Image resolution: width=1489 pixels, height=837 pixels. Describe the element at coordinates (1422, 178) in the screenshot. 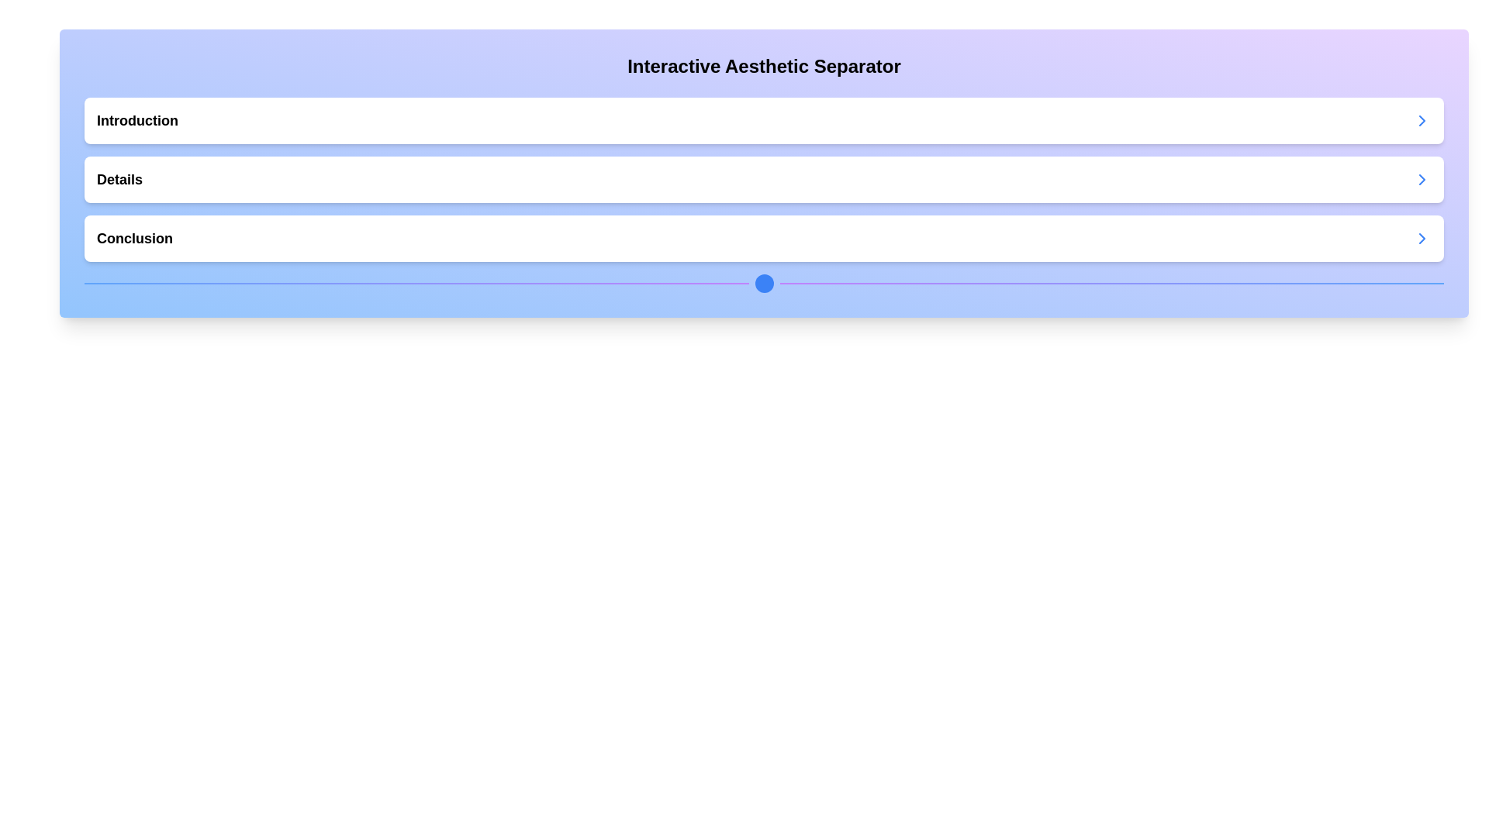

I see `the chevron indicator located to the extreme right of the 'Details' label` at that location.